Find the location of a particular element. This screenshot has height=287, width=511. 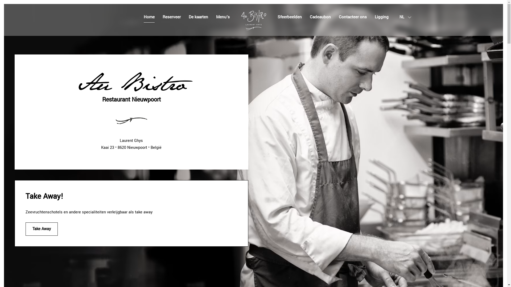

'Contacteer ons' is located at coordinates (352, 17).